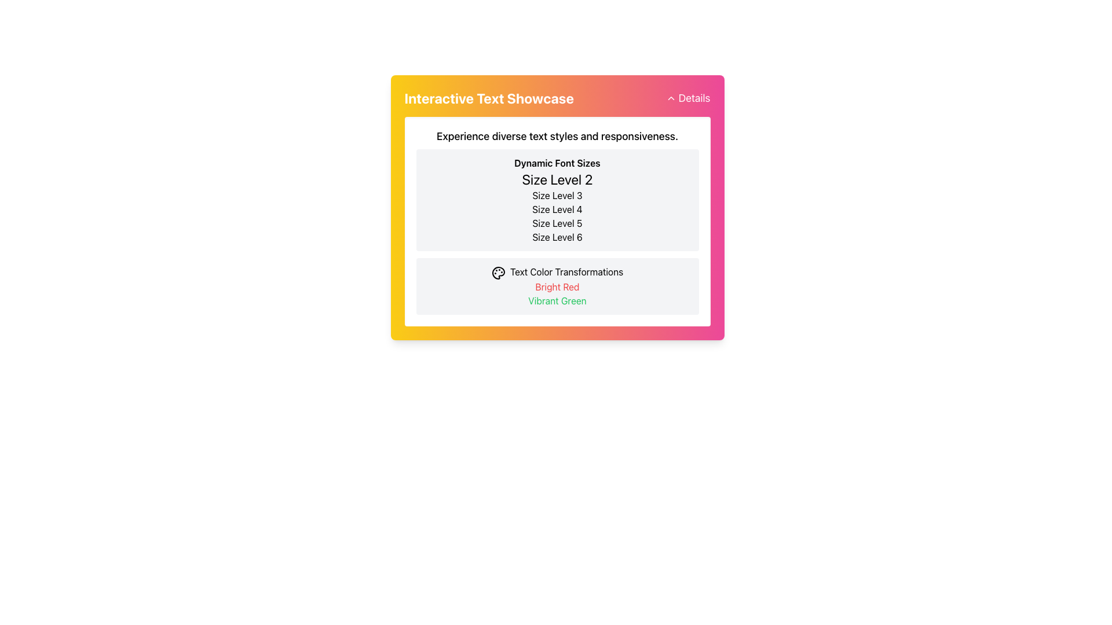 Image resolution: width=1112 pixels, height=625 pixels. What do you see at coordinates (671, 97) in the screenshot?
I see `the upward-facing chevron arrow icon located to the left of the 'Details' text in the top-right corner of the interface` at bounding box center [671, 97].